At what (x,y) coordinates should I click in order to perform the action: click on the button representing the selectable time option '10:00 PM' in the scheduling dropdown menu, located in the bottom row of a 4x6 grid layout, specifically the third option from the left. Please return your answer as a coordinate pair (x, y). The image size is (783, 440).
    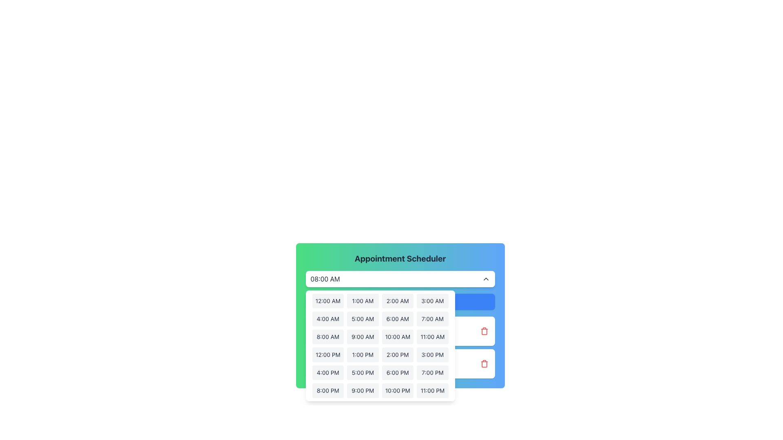
    Looking at the image, I should click on (398, 390).